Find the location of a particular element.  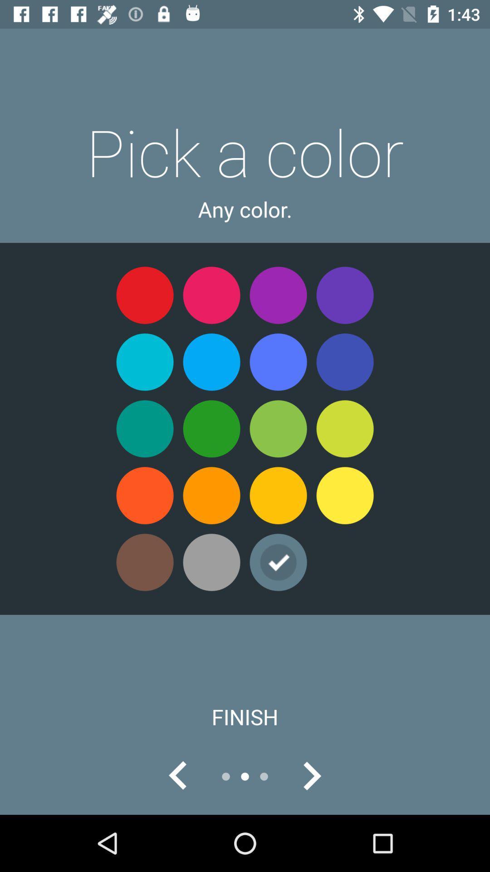

the arrow_backward icon is located at coordinates (178, 776).